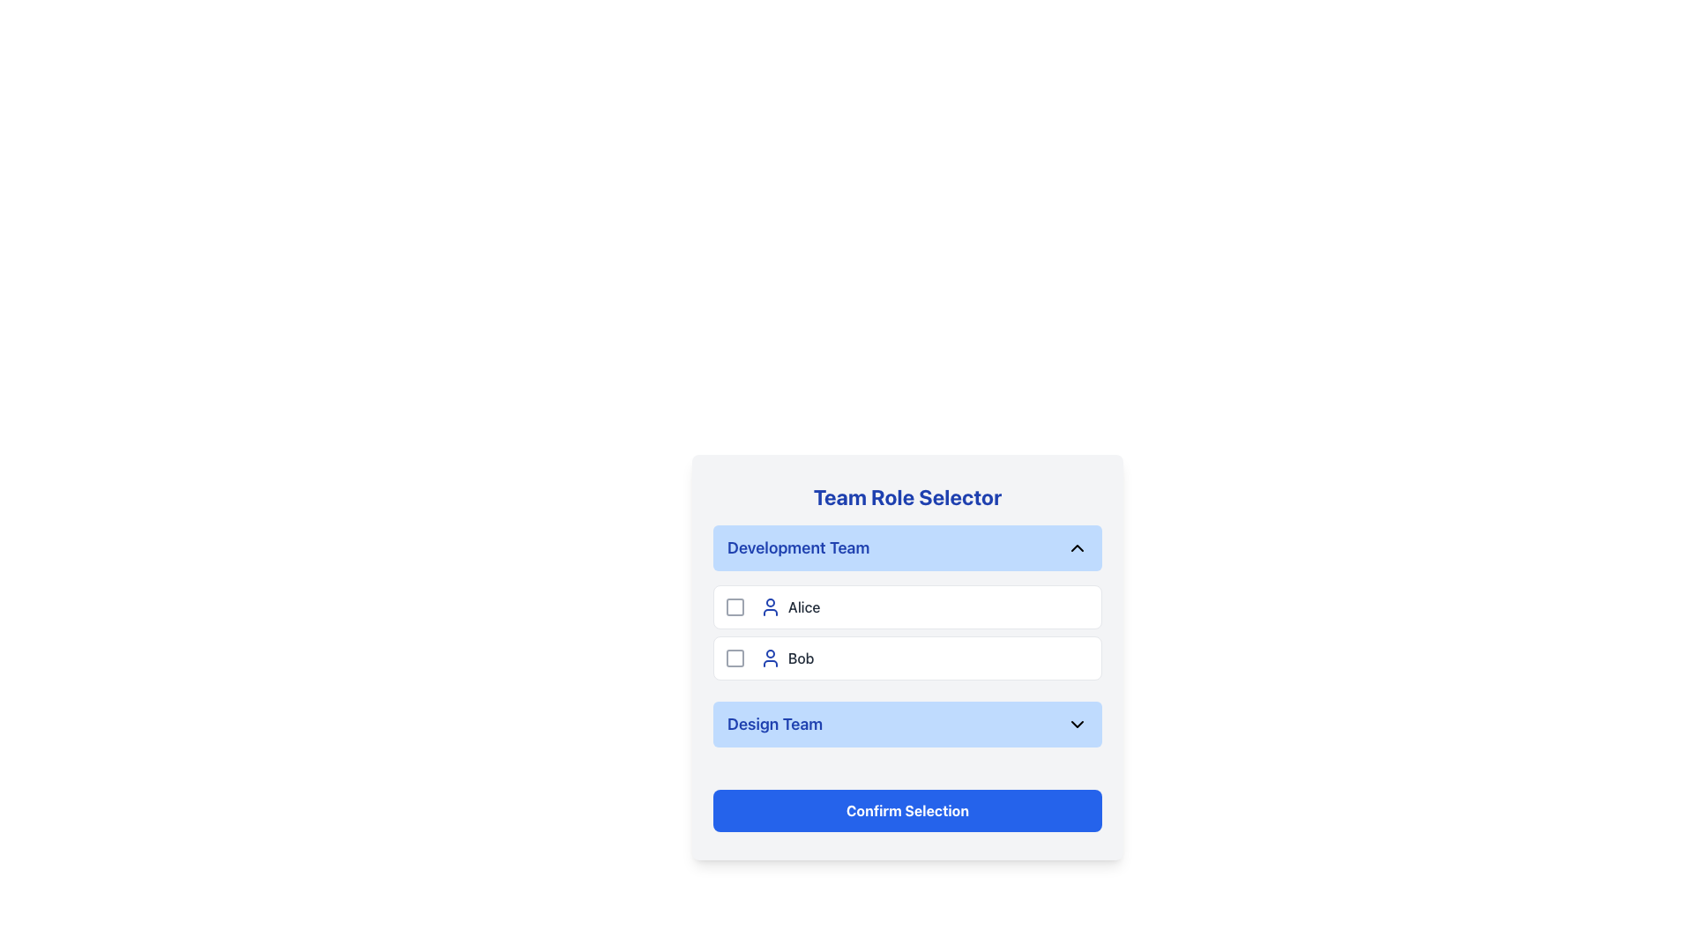  What do you see at coordinates (735, 606) in the screenshot?
I see `the Square icon with rounded corners that serves as a visual indicator associated with the user 'Alice'` at bounding box center [735, 606].